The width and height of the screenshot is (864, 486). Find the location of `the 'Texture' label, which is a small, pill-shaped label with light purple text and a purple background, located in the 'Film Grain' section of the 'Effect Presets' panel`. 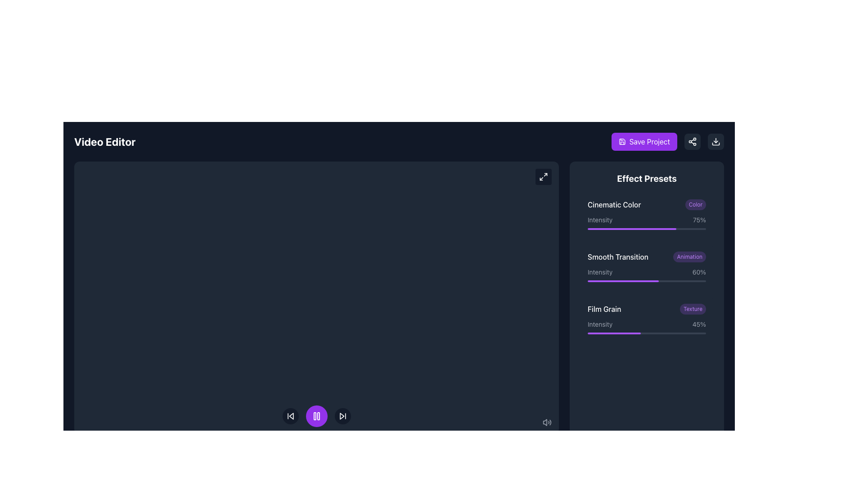

the 'Texture' label, which is a small, pill-shaped label with light purple text and a purple background, located in the 'Film Grain' section of the 'Effect Presets' panel is located at coordinates (693, 308).